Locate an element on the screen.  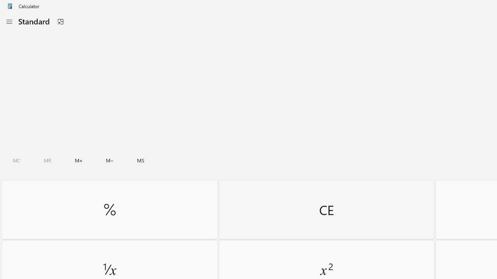
'Open Navigation' is located at coordinates (9, 21).